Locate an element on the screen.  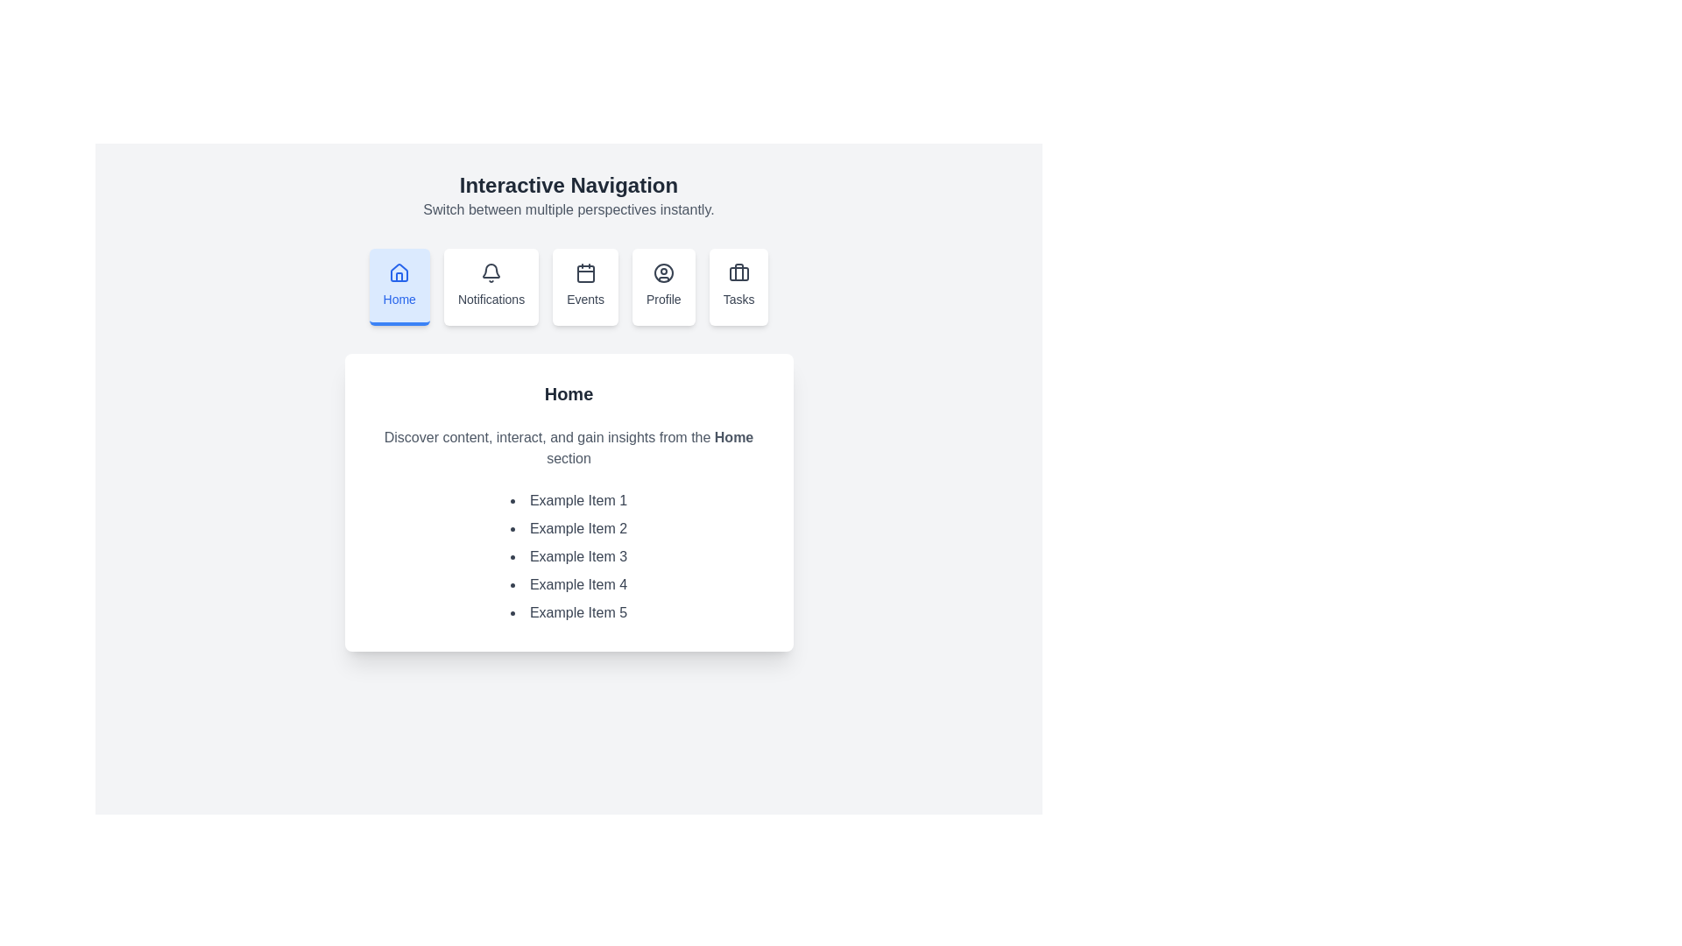
the text label 'Example Item 5' which is styled in gray font as the fifth item in a bulleted list located in a white card at the center of the interface is located at coordinates (569, 611).